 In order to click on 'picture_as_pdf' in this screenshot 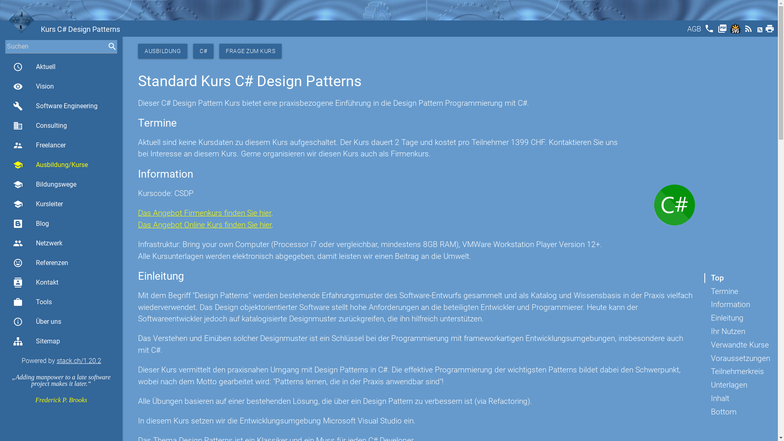, I will do `click(717, 31)`.